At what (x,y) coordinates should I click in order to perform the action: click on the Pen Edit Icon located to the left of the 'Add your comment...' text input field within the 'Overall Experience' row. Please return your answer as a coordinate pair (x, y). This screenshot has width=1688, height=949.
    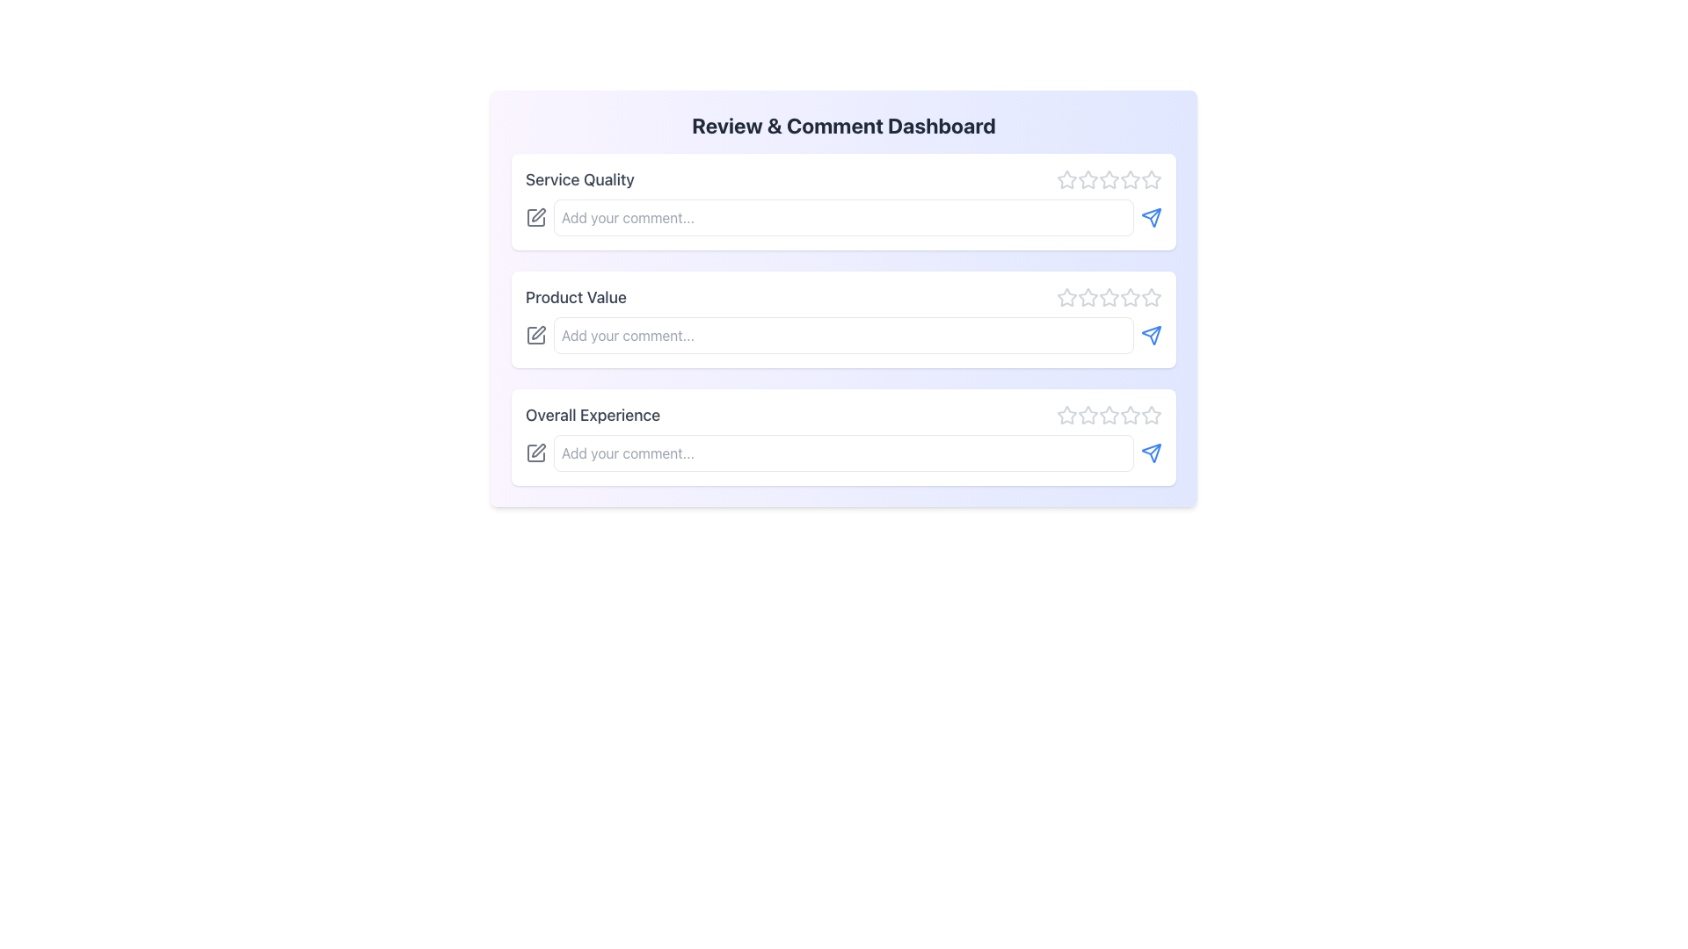
    Looking at the image, I should click on (538, 450).